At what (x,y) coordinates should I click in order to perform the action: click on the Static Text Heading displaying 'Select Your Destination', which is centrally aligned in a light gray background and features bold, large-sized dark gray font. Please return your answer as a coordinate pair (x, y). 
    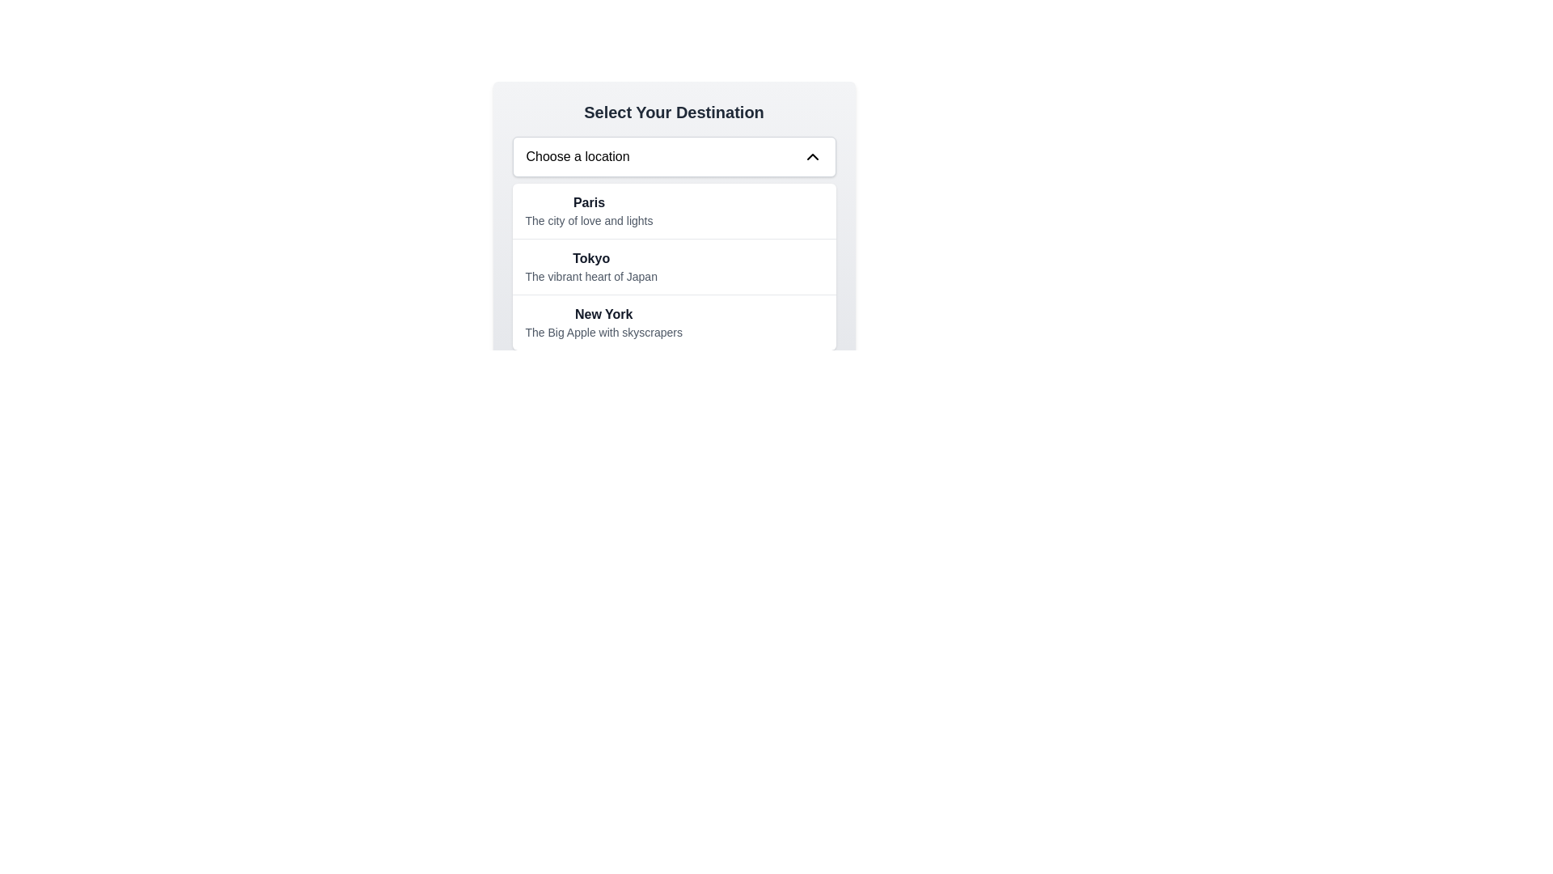
    Looking at the image, I should click on (674, 111).